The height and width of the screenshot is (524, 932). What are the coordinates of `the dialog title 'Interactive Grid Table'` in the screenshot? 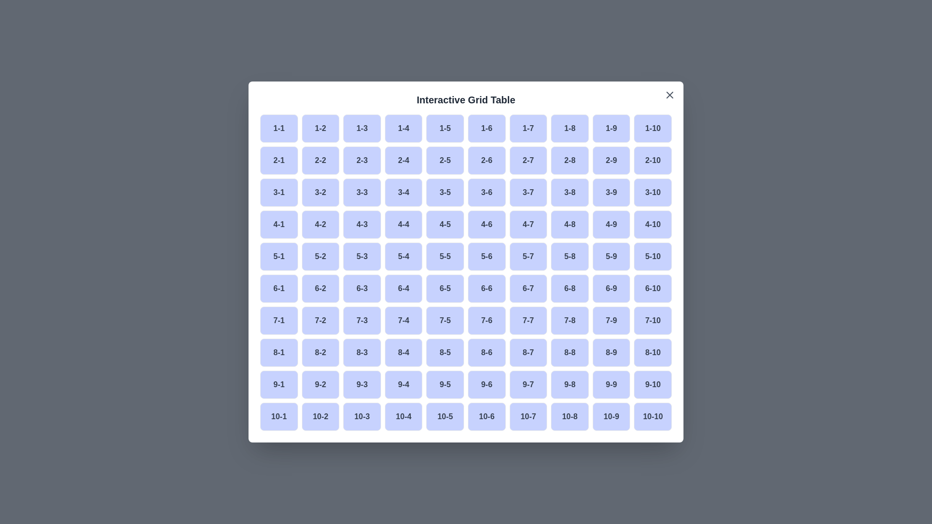 It's located at (466, 99).